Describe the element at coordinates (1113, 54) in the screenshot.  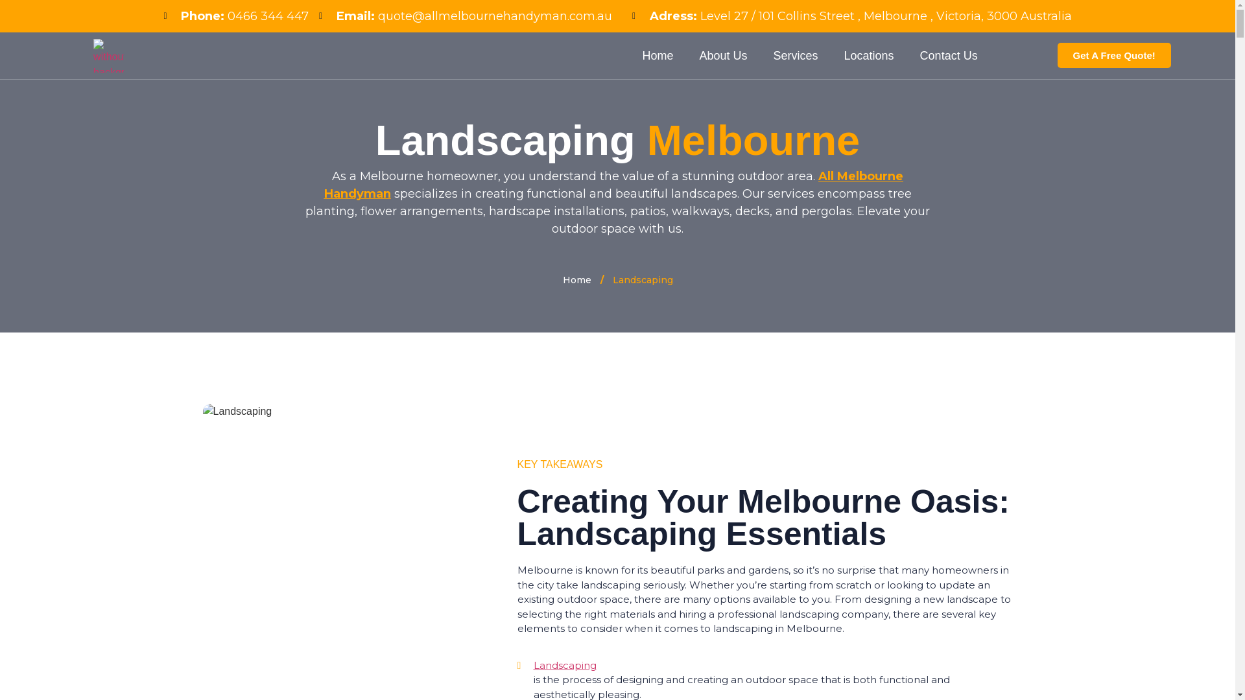
I see `'Get A Free Quote!'` at that location.